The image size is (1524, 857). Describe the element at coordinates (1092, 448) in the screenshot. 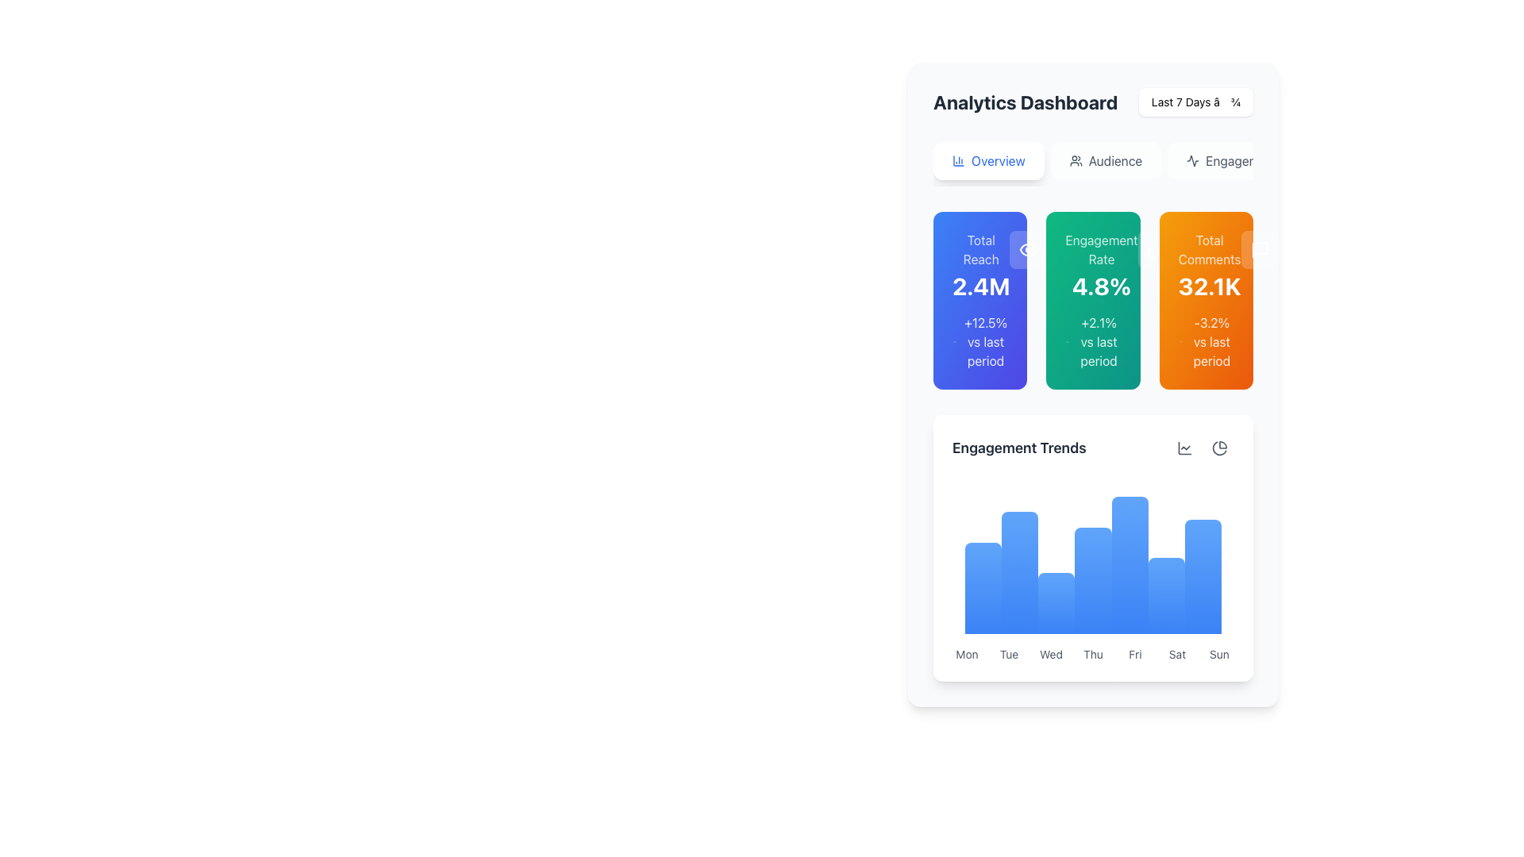

I see `the text label displaying the title 'Engagement Trends' for accessibility` at that location.